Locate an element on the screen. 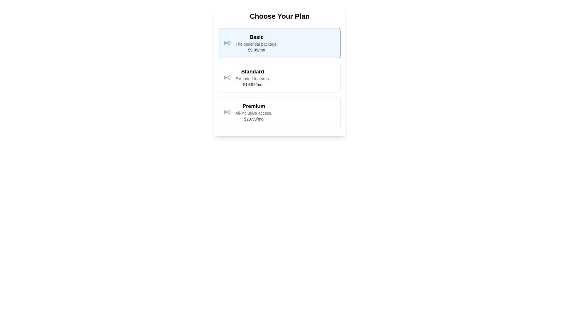 This screenshot has height=316, width=563. the circular icon styled as a radio button located to the left of the text 'Premium All-inclusive access. $29.99/mo' is located at coordinates (227, 112).